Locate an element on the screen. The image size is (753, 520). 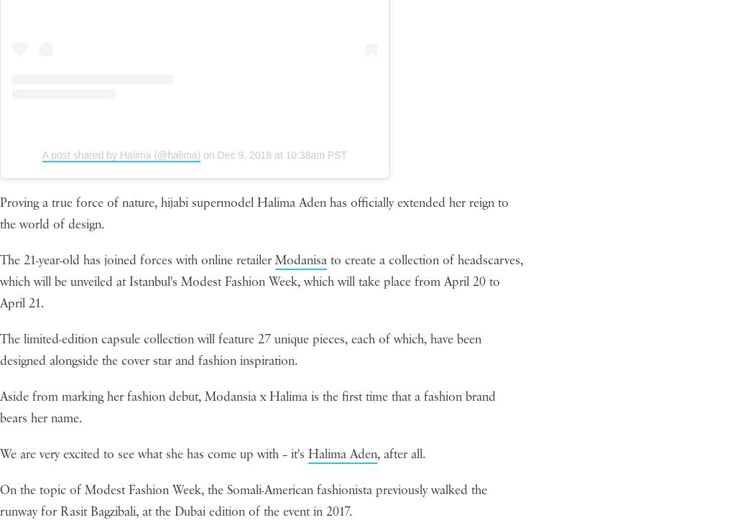
'The 21-year-old has joined forces with online retailer' is located at coordinates (0, 260).